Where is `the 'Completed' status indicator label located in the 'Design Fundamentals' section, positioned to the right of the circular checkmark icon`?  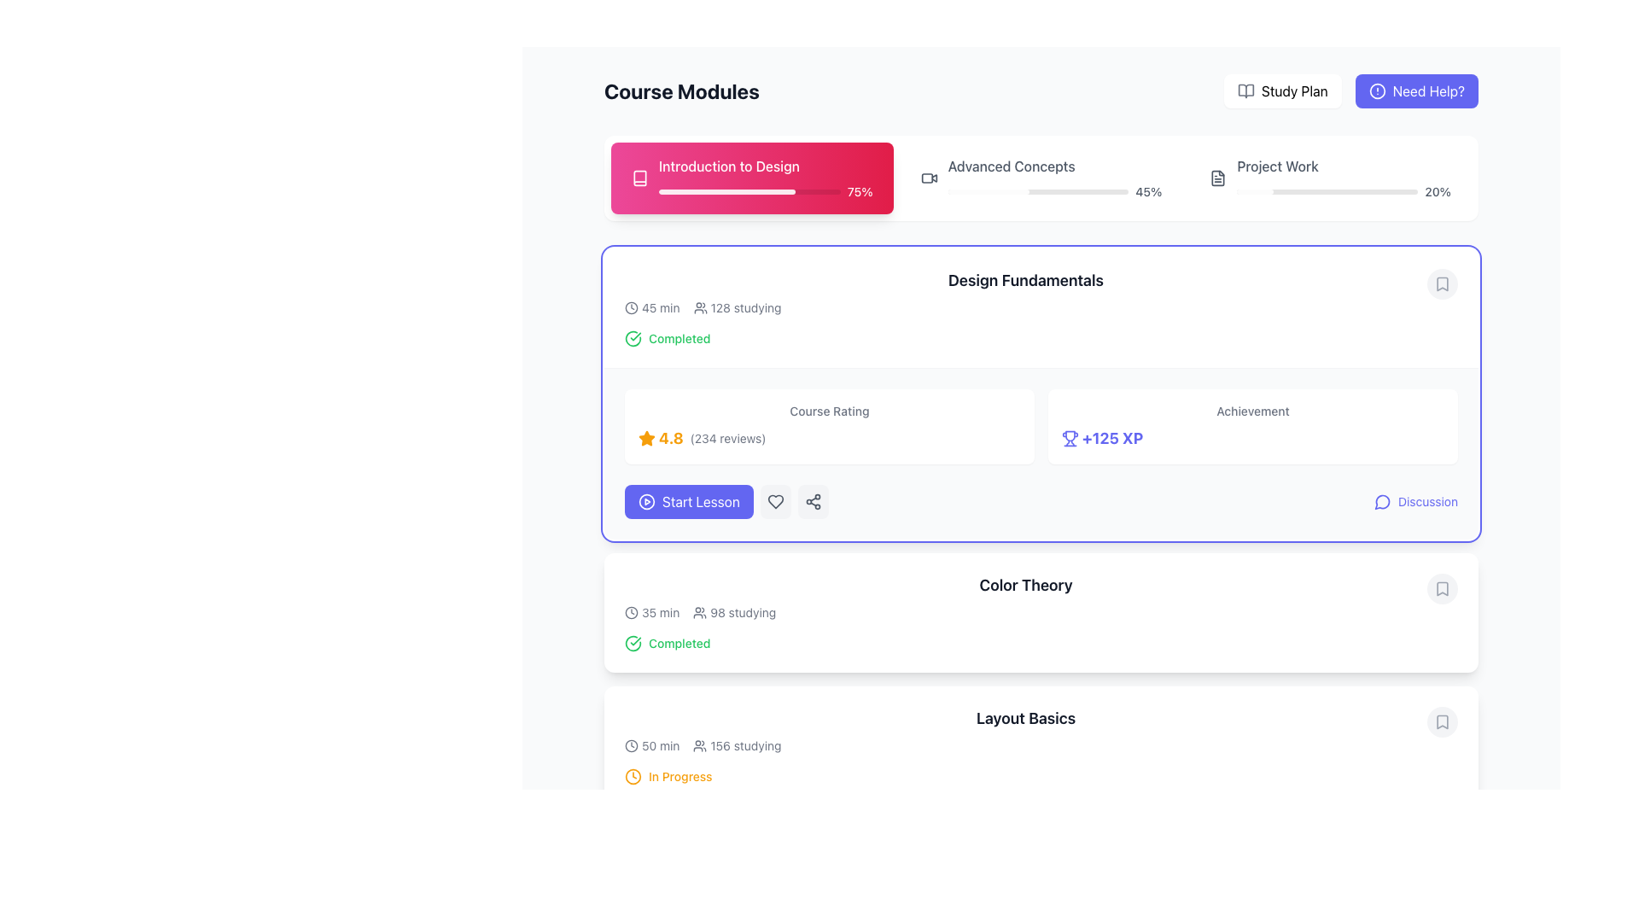 the 'Completed' status indicator label located in the 'Design Fundamentals' section, positioned to the right of the circular checkmark icon is located at coordinates (679, 339).